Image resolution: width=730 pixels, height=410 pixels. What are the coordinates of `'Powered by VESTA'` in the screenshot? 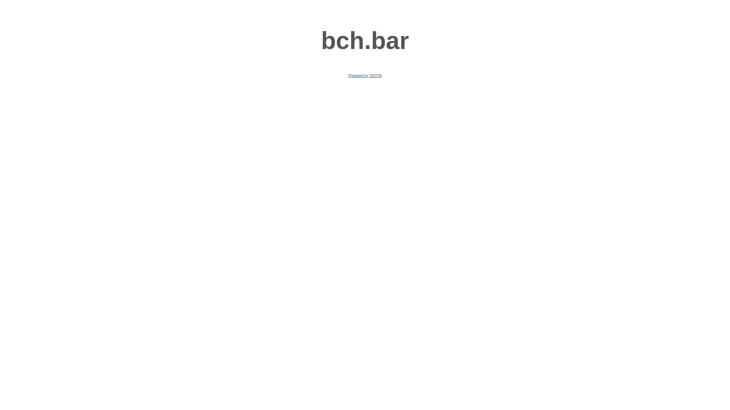 It's located at (365, 76).